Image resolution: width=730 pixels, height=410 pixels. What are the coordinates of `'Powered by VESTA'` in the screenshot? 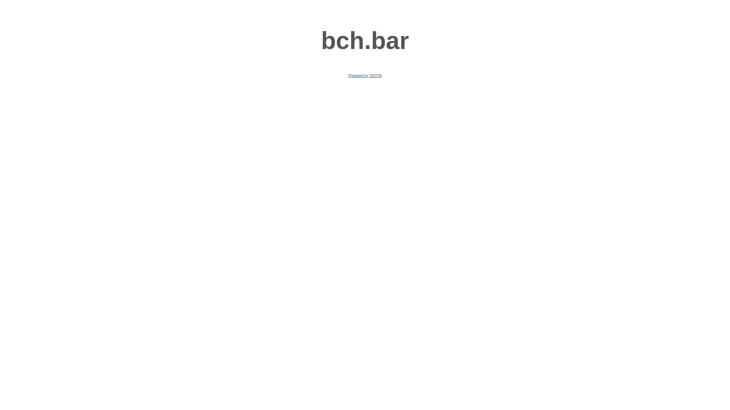 It's located at (365, 76).